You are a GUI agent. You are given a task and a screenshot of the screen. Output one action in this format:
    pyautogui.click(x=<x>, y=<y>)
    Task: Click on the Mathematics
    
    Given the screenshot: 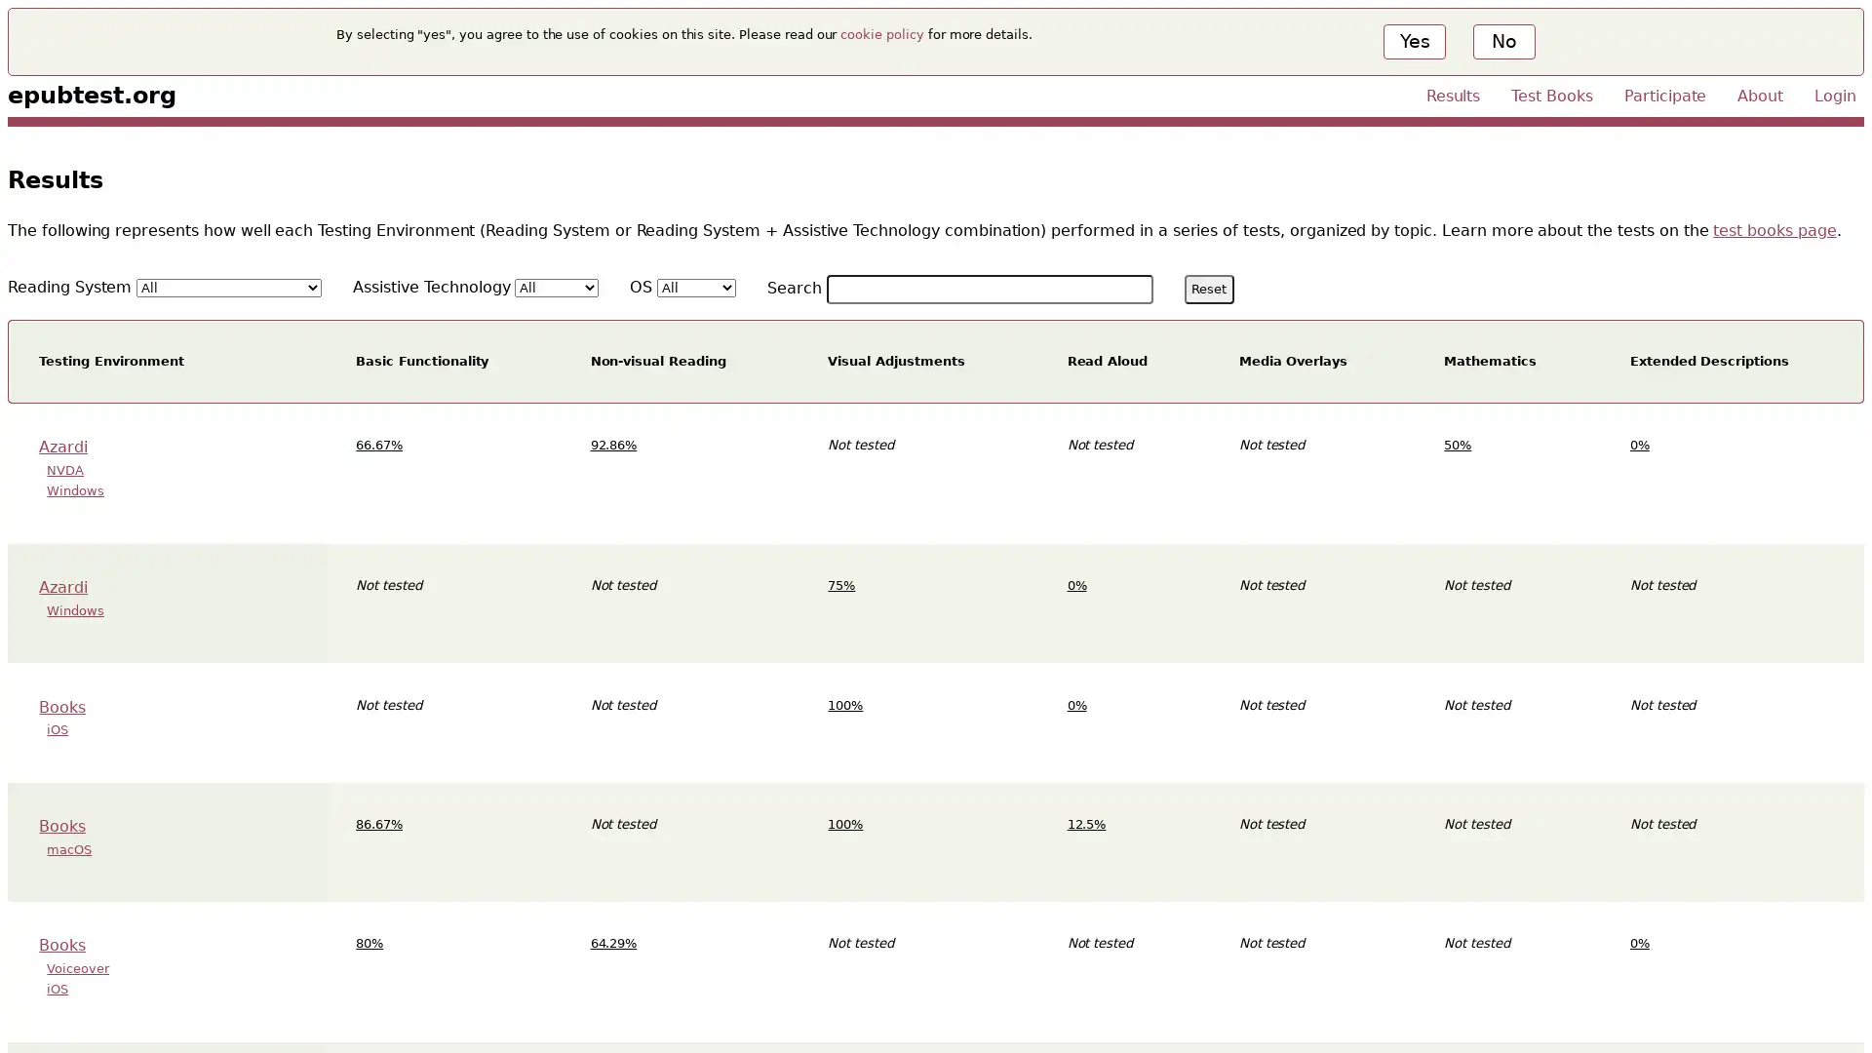 What is the action you would take?
    pyautogui.click(x=1488, y=361)
    